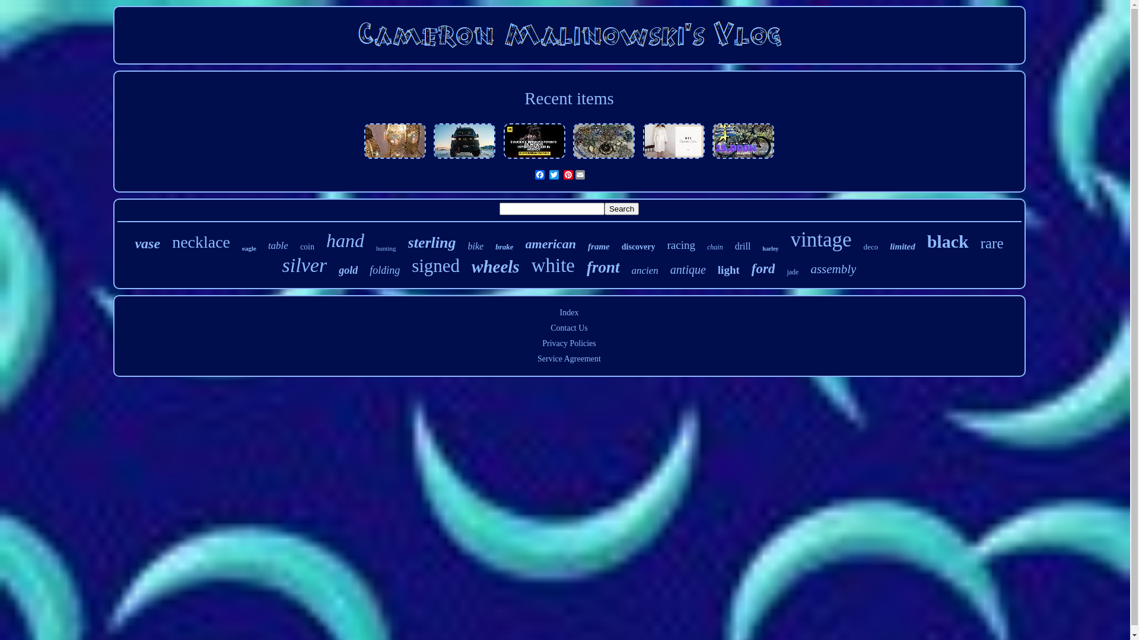 The width and height of the screenshot is (1139, 640). What do you see at coordinates (644, 270) in the screenshot?
I see `'ancien'` at bounding box center [644, 270].